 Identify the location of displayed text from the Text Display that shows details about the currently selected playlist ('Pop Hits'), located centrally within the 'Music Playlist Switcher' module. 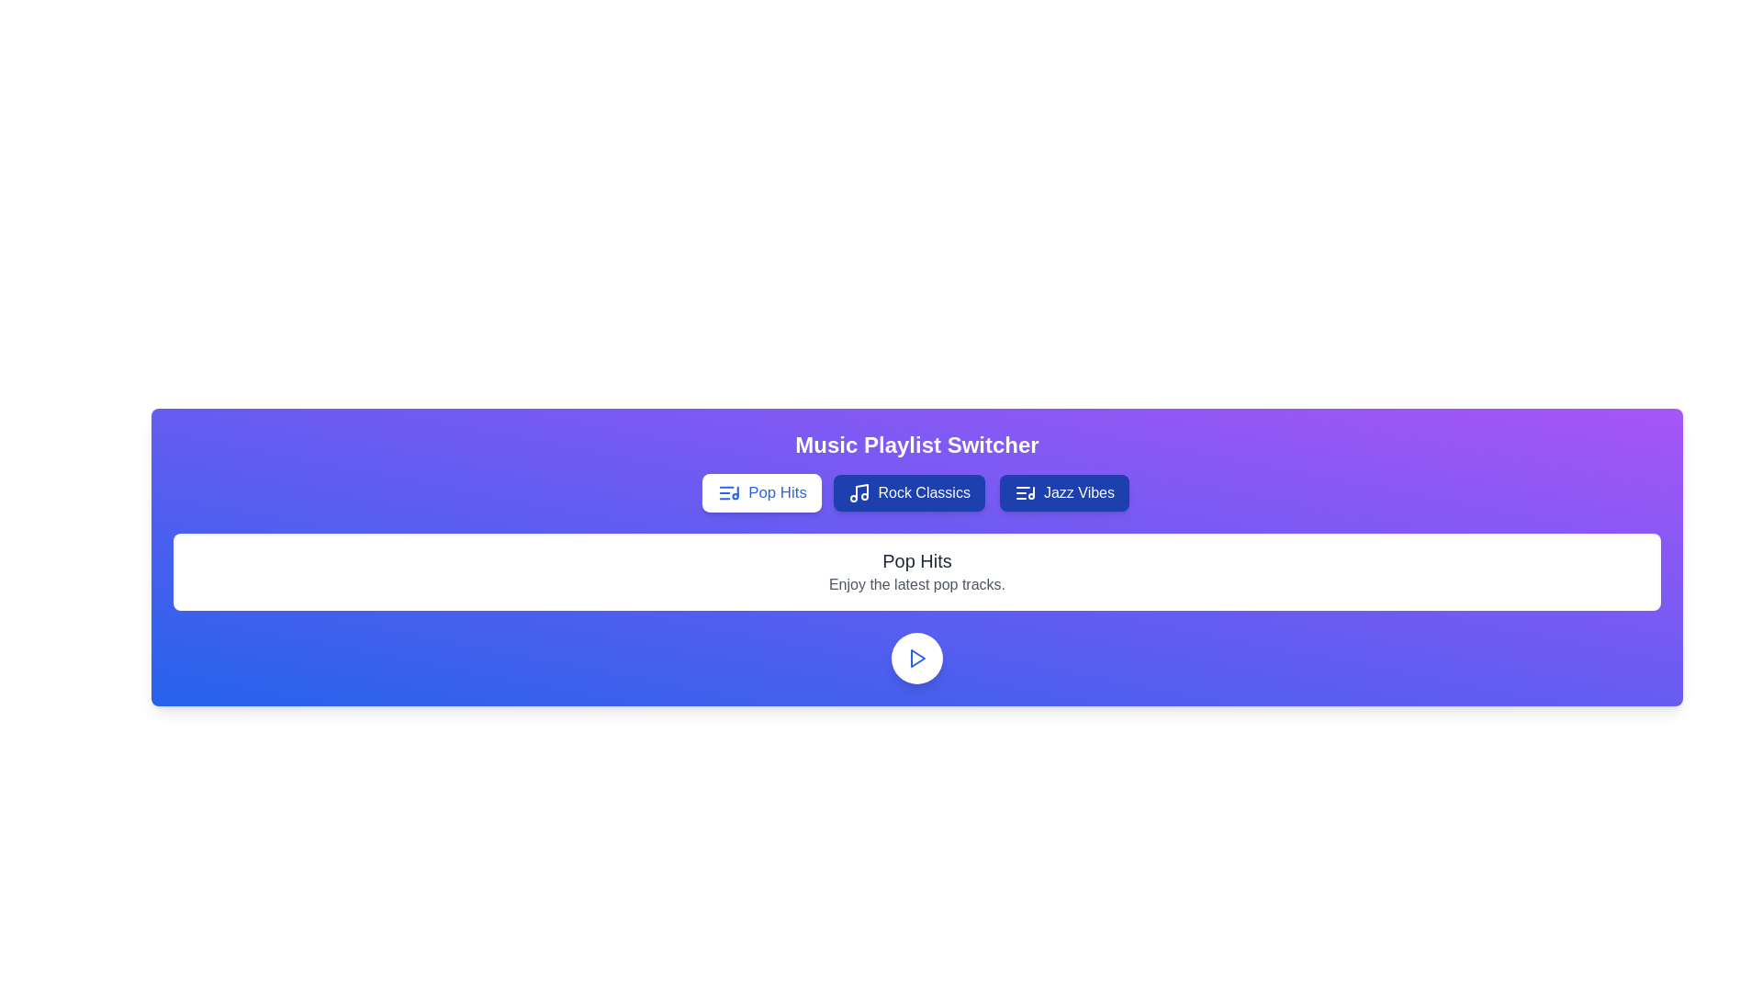
(916, 571).